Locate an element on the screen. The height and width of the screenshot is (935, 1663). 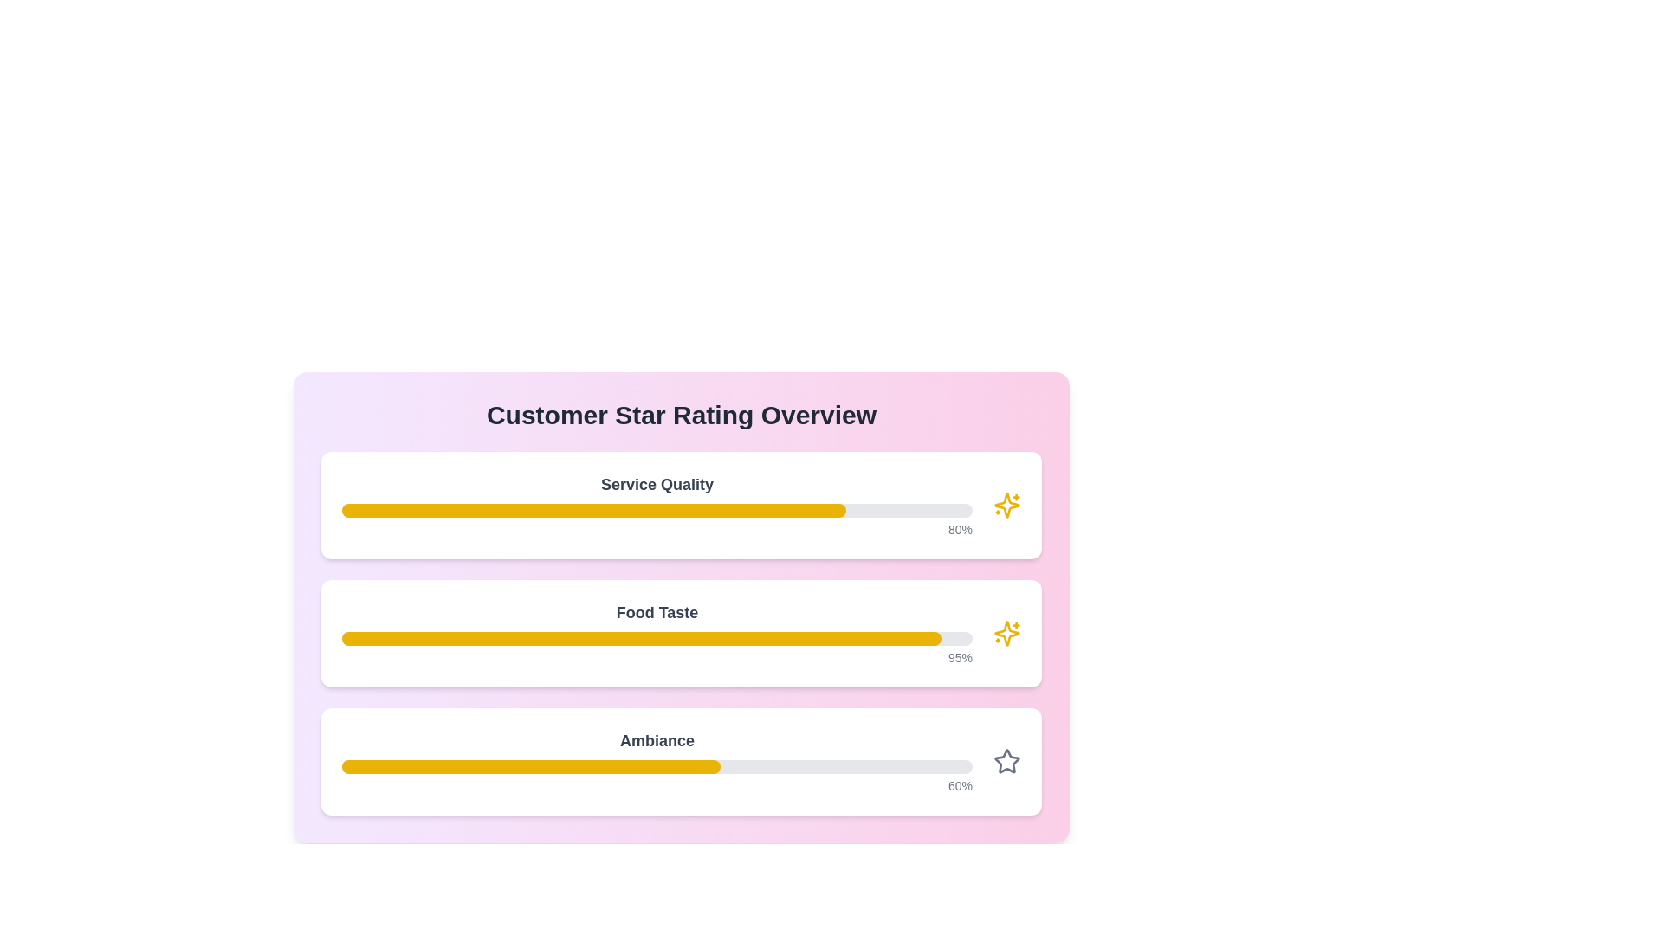
the filled segment of the progress bar under the 'Food Taste' label, which is a horizontal yellow bar with rounded edges, representing a filled portion of the progress is located at coordinates (640, 638).